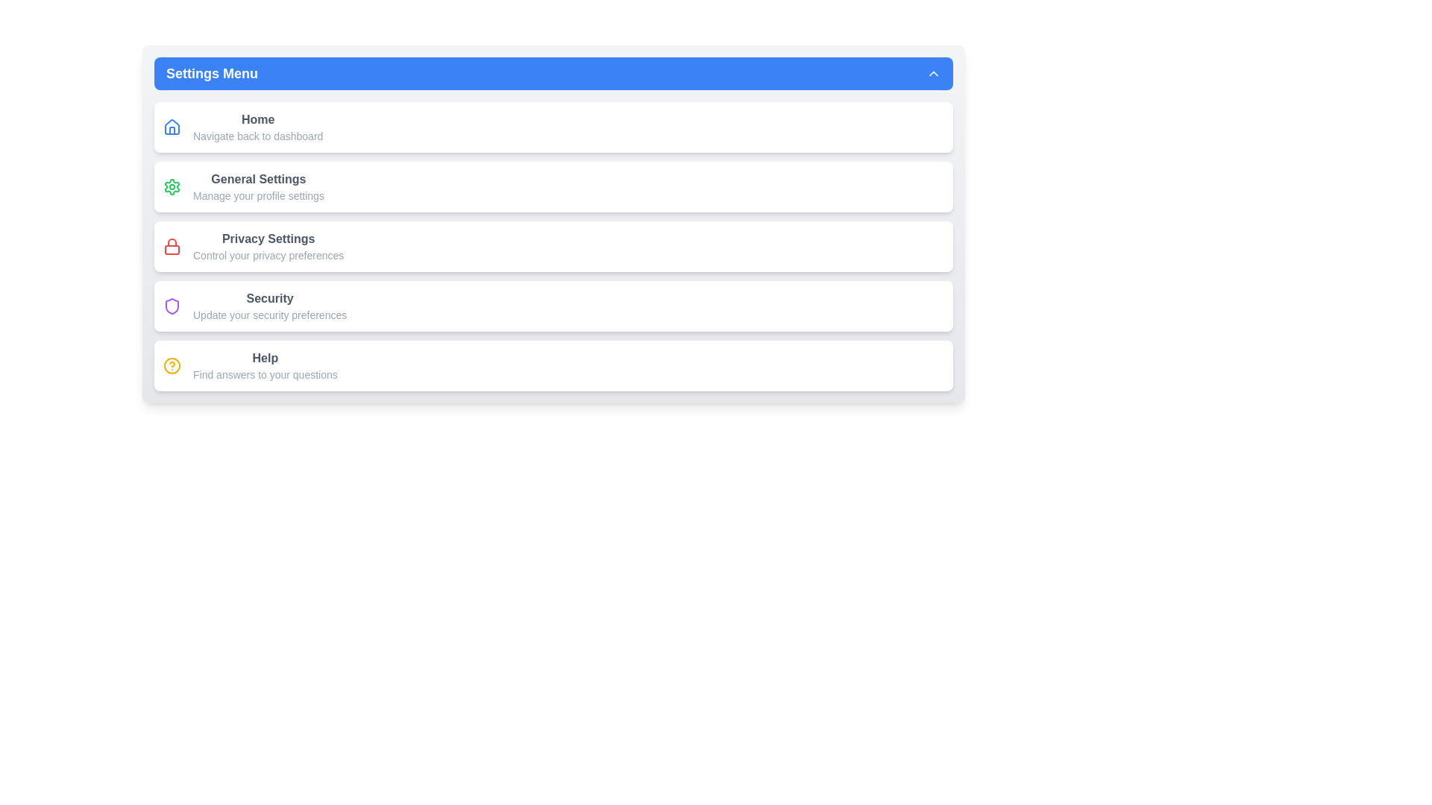 Image resolution: width=1432 pixels, height=805 pixels. Describe the element at coordinates (265, 365) in the screenshot. I see `the 'Help' Text Block located in the 'Settings Menu' section, which is the fifth list item and has a yellow circular icon adjacent to it` at that location.